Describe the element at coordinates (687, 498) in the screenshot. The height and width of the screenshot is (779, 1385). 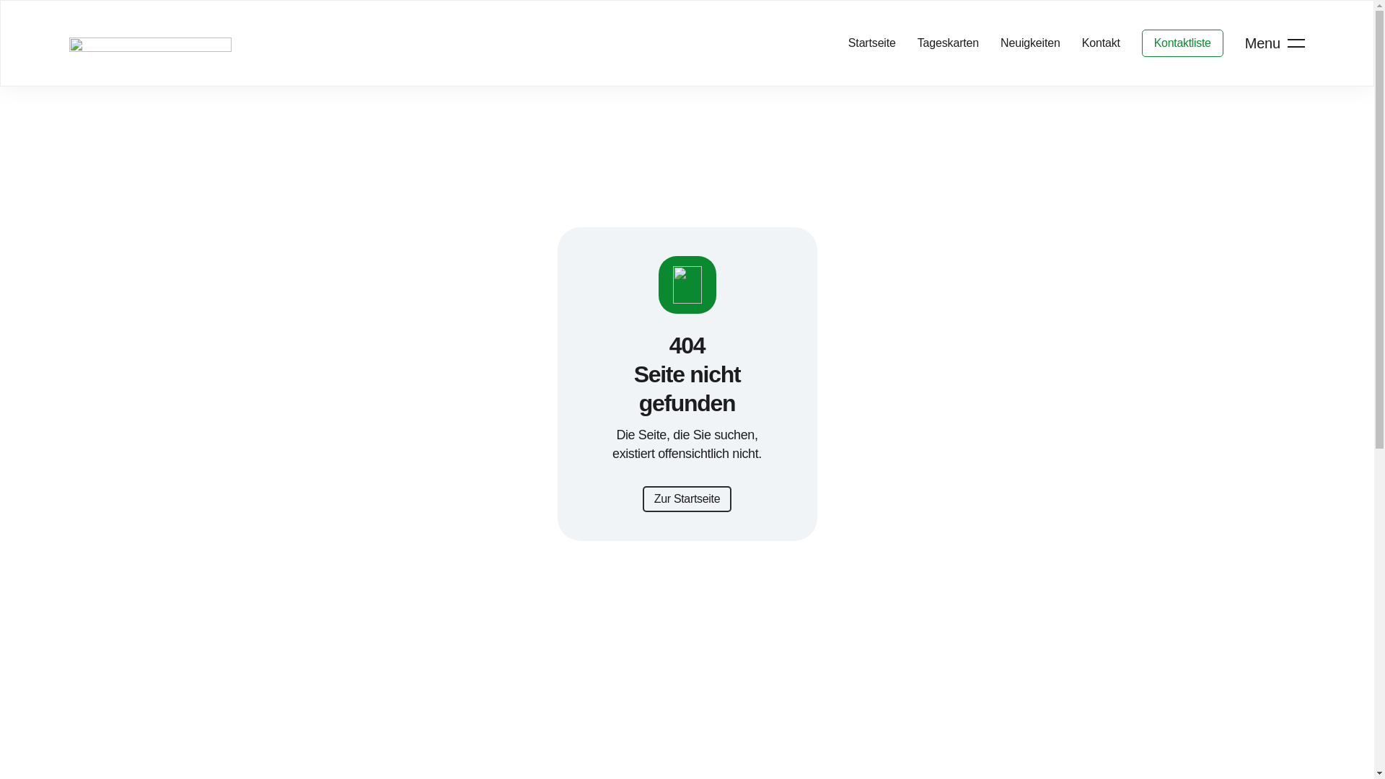
I see `'Zur Startseite'` at that location.